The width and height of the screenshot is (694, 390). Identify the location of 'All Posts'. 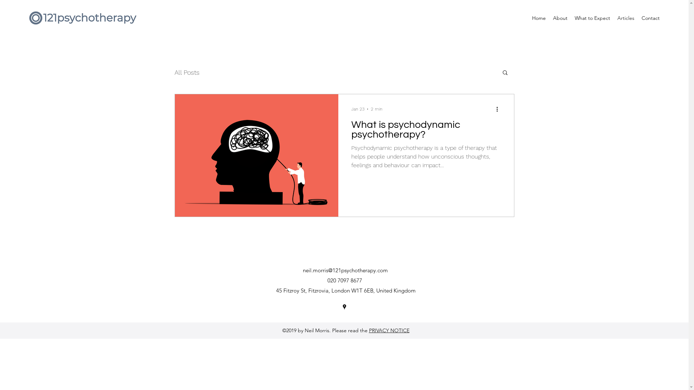
(187, 72).